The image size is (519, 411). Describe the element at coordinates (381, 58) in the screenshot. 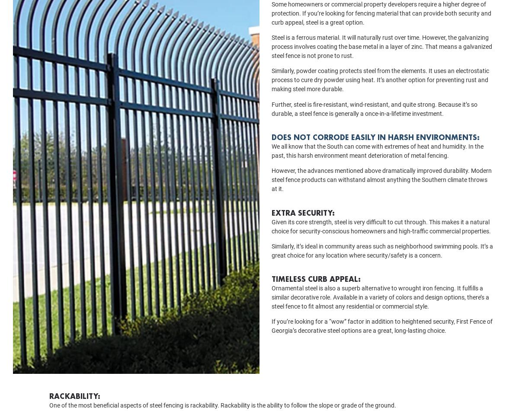

I see `'Steel is a ferrous material. It will naturally rust over time. However, the galvanizing process involves coating the base metal in a layer of zinc. That means a galvanized steel fence is not prone to rust.'` at that location.